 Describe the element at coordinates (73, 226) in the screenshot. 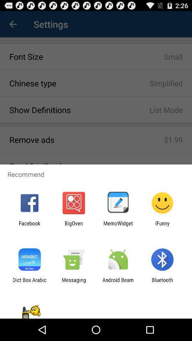

I see `icon next to facebook icon` at that location.